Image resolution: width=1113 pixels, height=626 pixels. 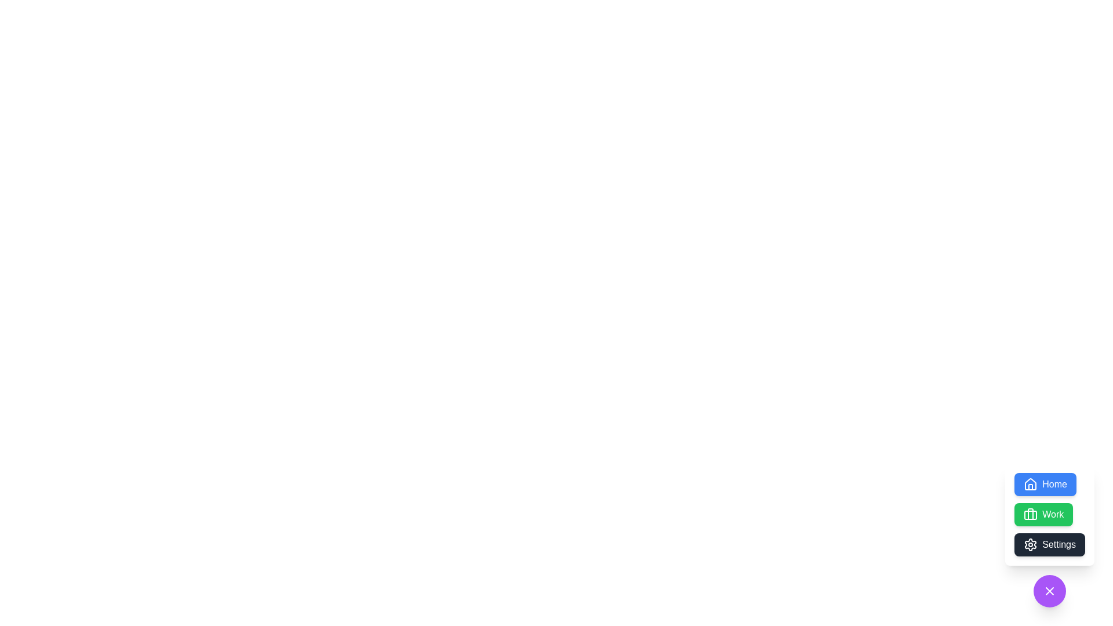 What do you see at coordinates (1045, 485) in the screenshot?
I see `the 'Home' button, which is a rectangular button with a blue background and white bold text, located in the bottom-right quadrant of the interface` at bounding box center [1045, 485].